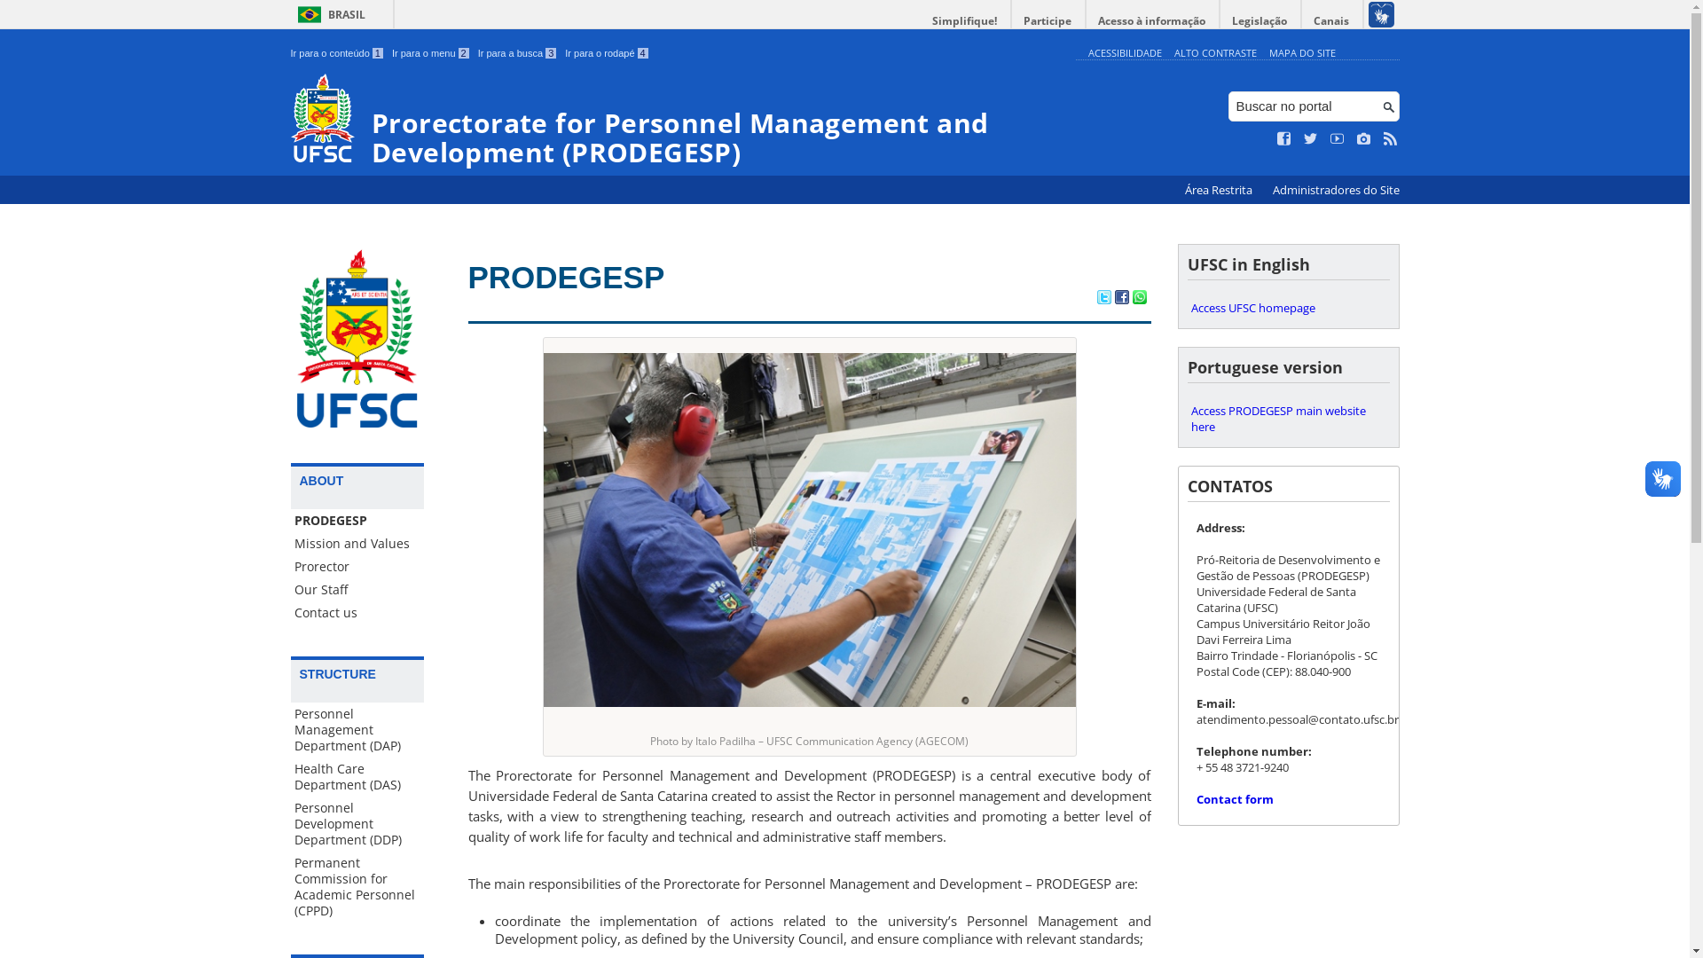 The height and width of the screenshot is (958, 1703). Describe the element at coordinates (328, 14) in the screenshot. I see `'BRASIL'` at that location.